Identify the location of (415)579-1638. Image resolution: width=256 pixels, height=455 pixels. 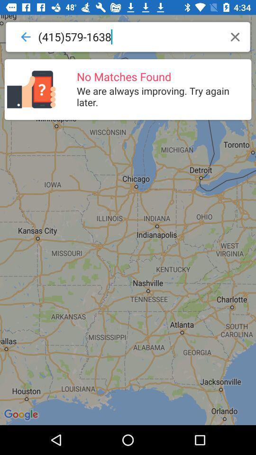
(130, 36).